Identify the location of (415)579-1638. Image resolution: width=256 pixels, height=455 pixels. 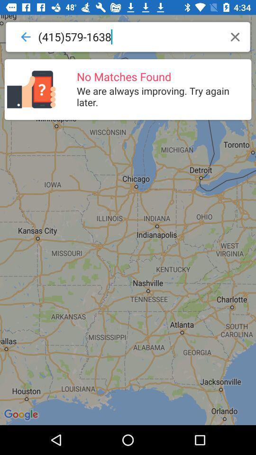
(130, 36).